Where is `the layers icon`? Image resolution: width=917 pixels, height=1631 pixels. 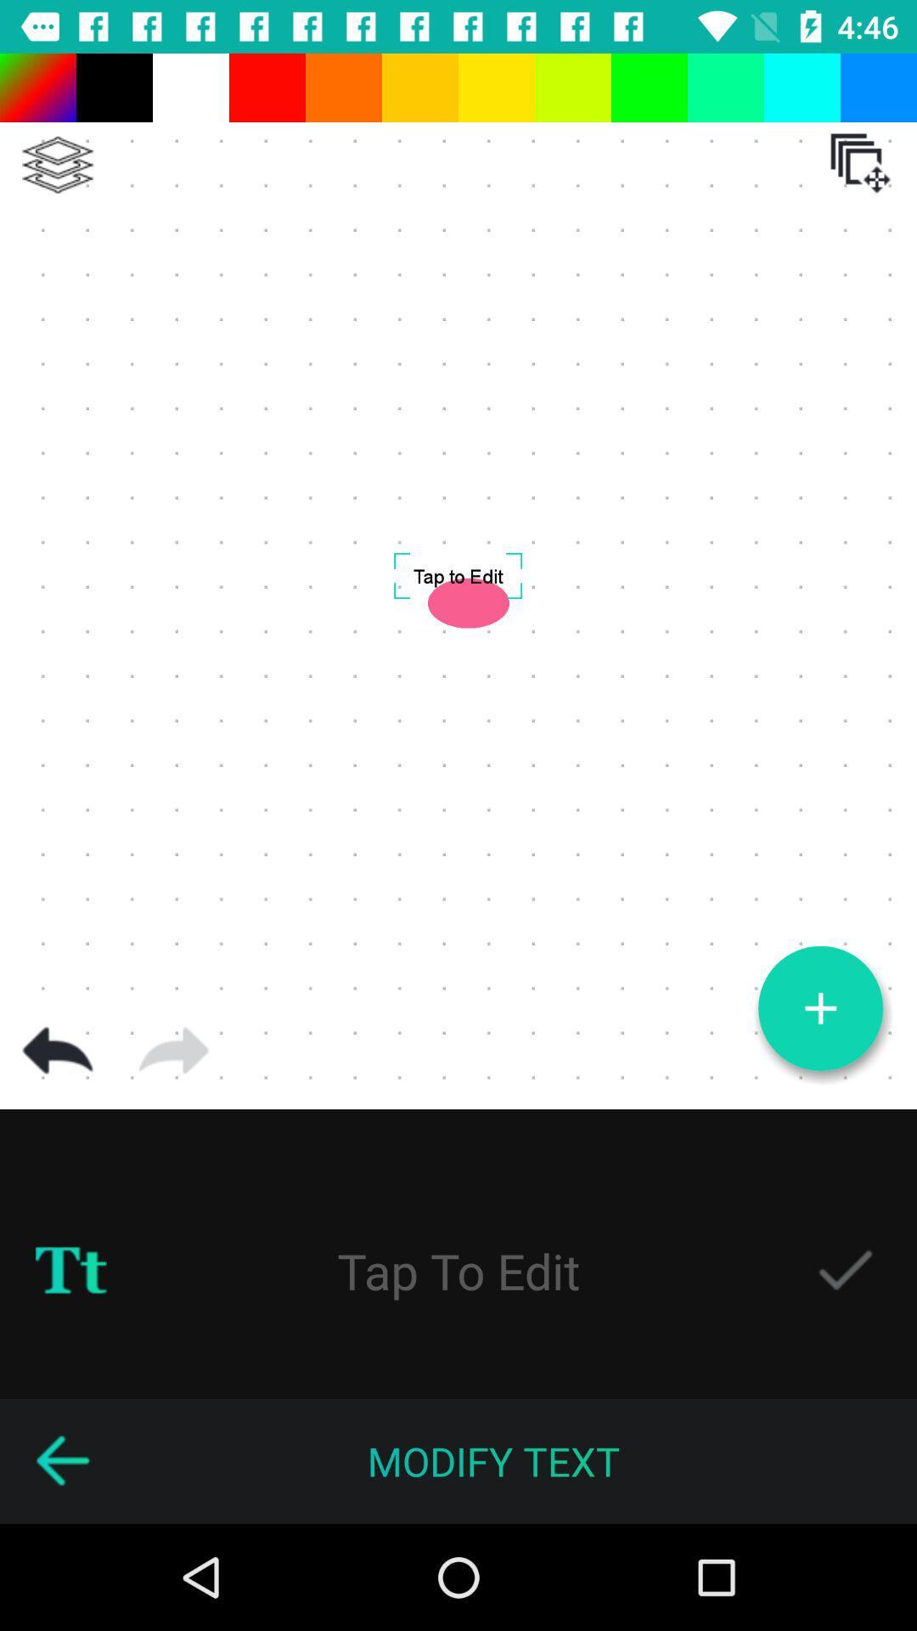 the layers icon is located at coordinates (57, 165).